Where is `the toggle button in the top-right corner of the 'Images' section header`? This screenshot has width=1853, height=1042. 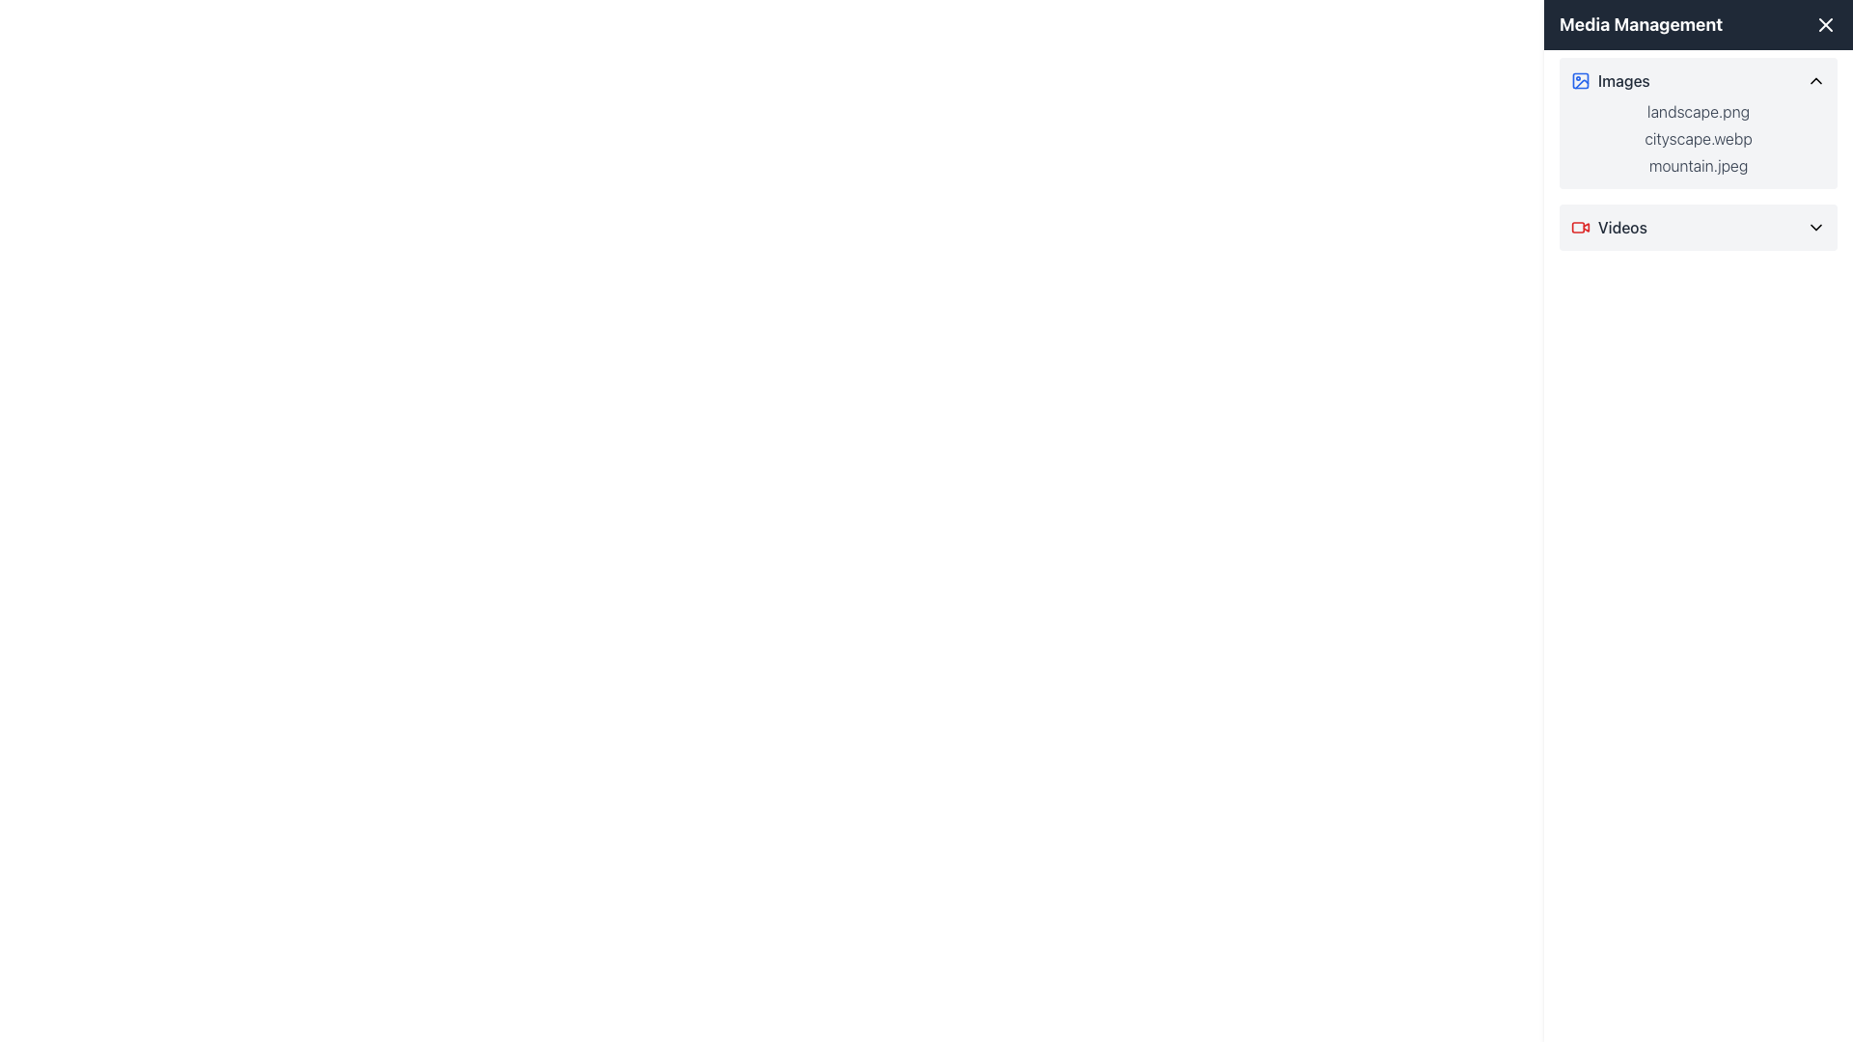 the toggle button in the top-right corner of the 'Images' section header is located at coordinates (1814, 80).